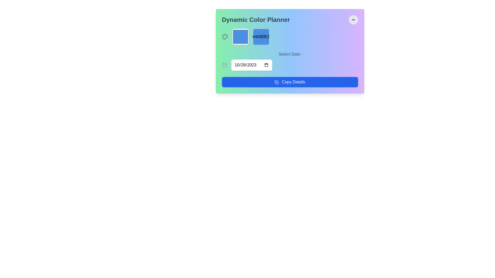  I want to click on the rounded rectangle inside the calendar icon, which is styled with a border and a transparent interior, located at the center of the calendar icon, so click(224, 65).